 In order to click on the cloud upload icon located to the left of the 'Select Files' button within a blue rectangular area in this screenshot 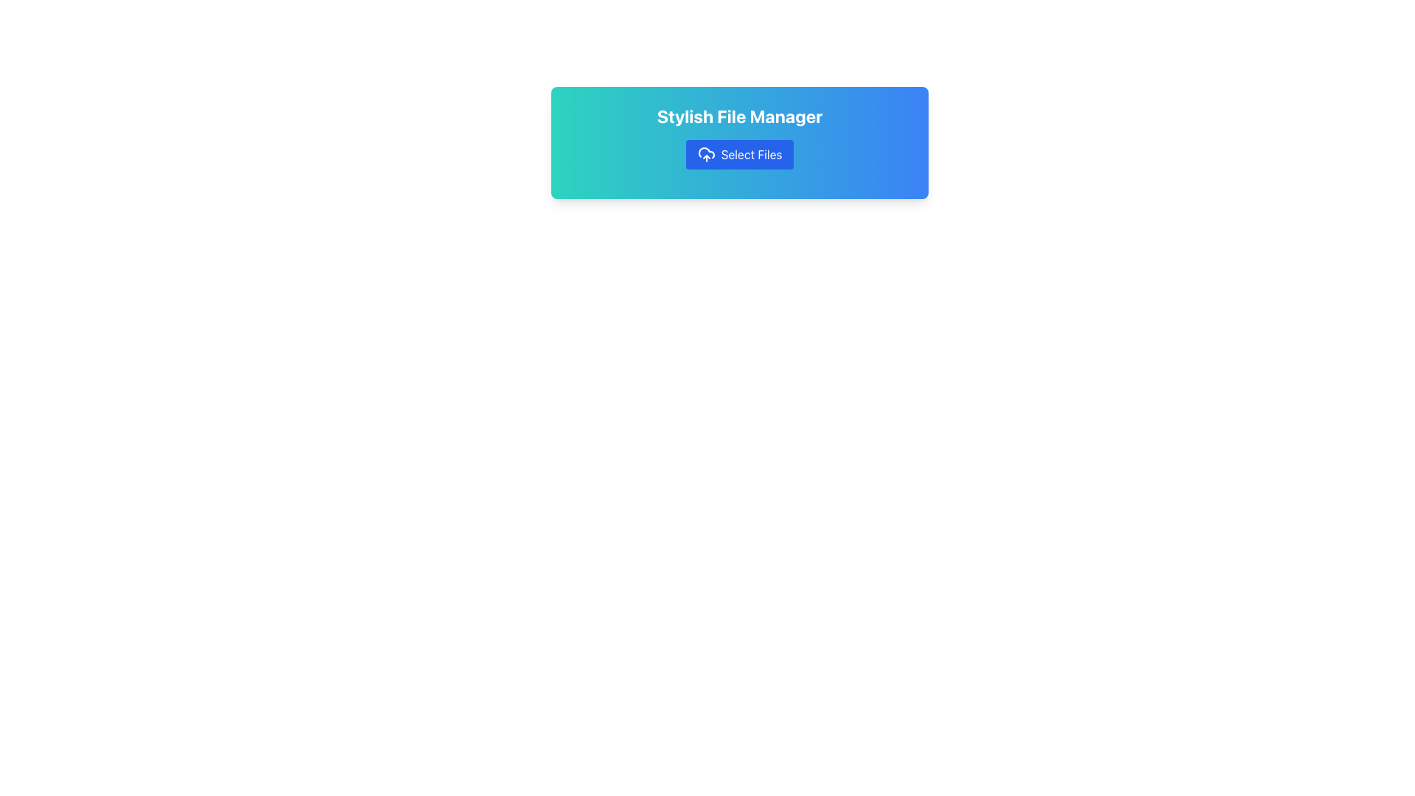, I will do `click(705, 154)`.